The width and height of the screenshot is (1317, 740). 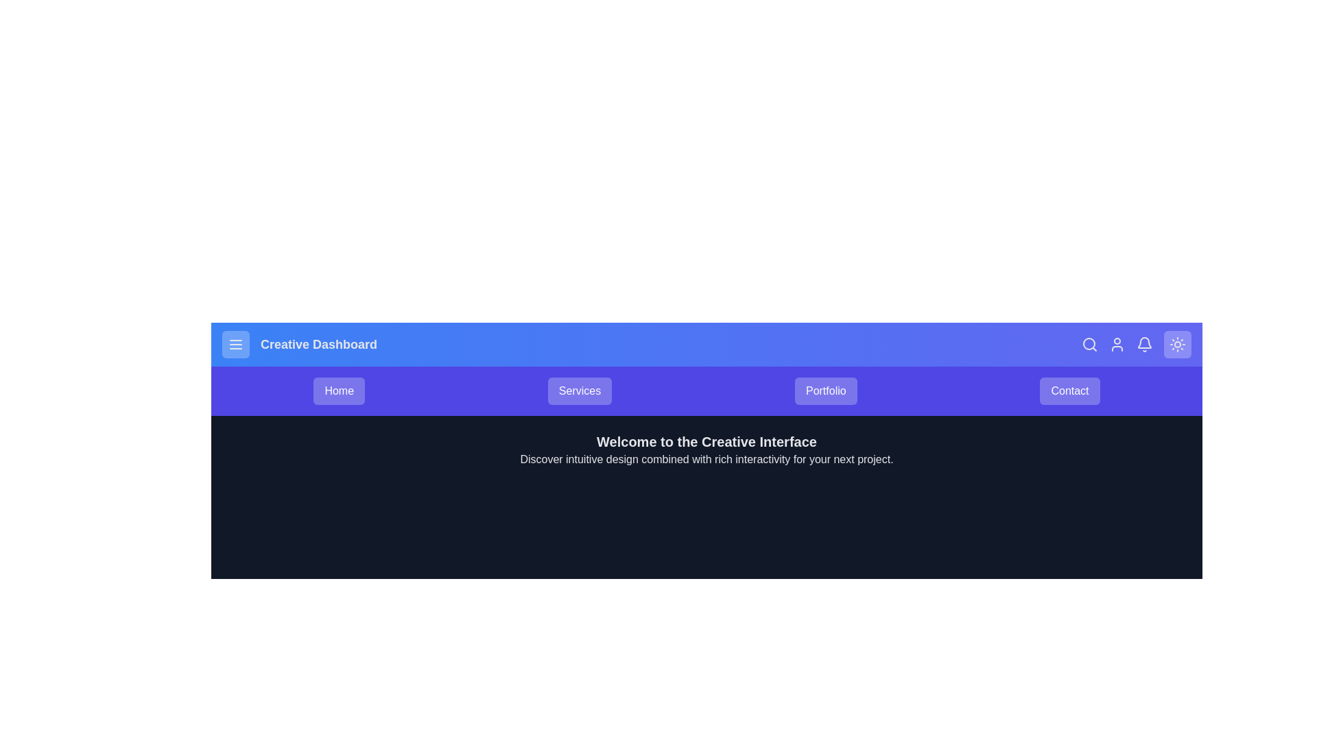 What do you see at coordinates (1089, 343) in the screenshot?
I see `the search icon in the header` at bounding box center [1089, 343].